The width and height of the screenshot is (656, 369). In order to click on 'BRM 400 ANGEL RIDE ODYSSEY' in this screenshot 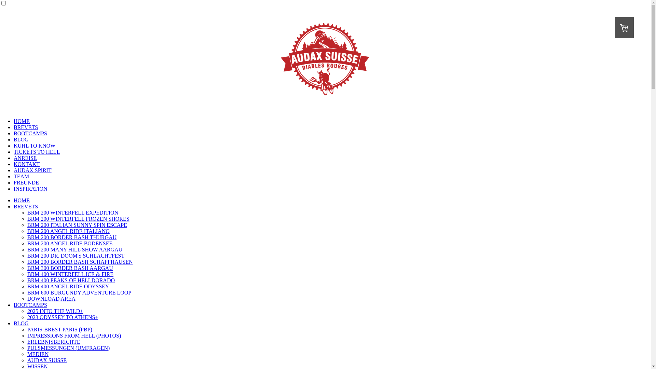, I will do `click(68, 286)`.